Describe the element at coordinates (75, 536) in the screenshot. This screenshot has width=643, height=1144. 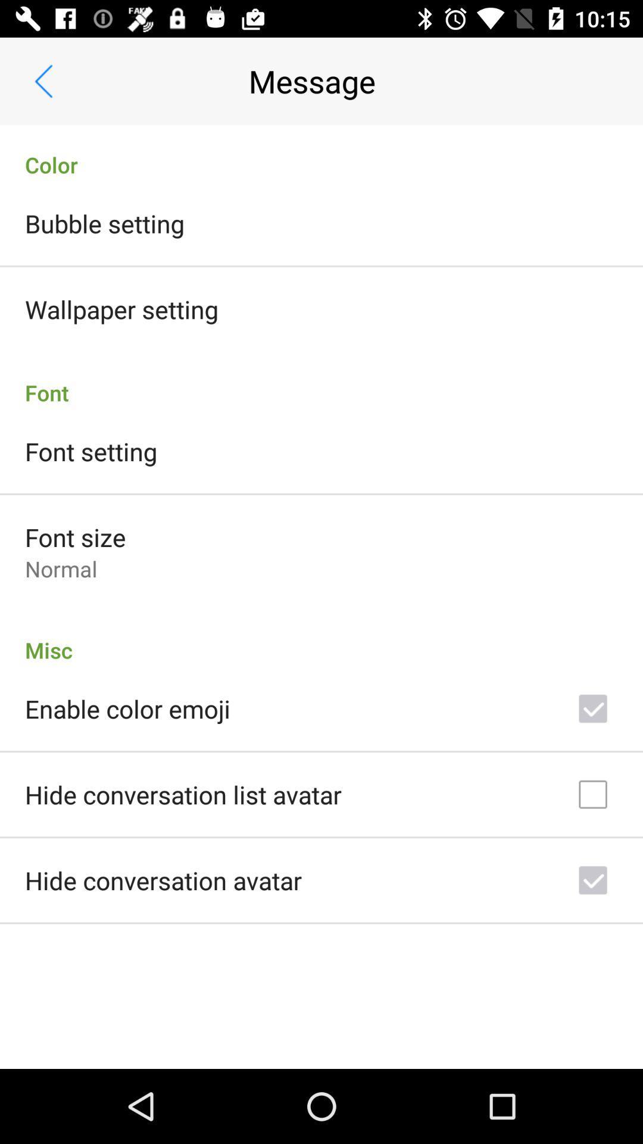
I see `icon below font setting icon` at that location.